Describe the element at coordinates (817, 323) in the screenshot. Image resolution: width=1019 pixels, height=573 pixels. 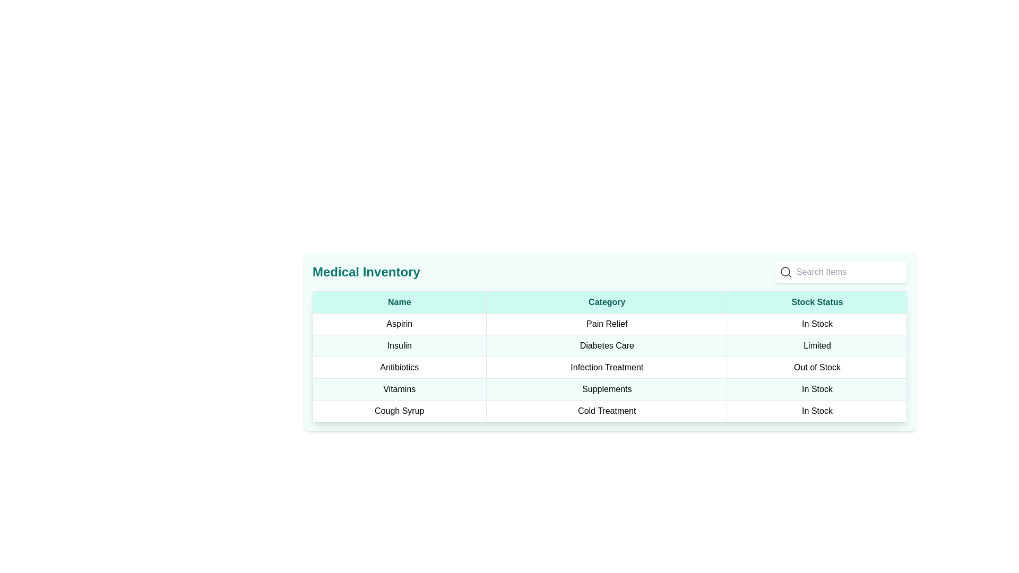
I see `the availability status text field in the 'Stock Status' column, which is a non-interactive display-only element located in the third column of the first row, bordered by the 'Pain Relief' cell on the left` at that location.